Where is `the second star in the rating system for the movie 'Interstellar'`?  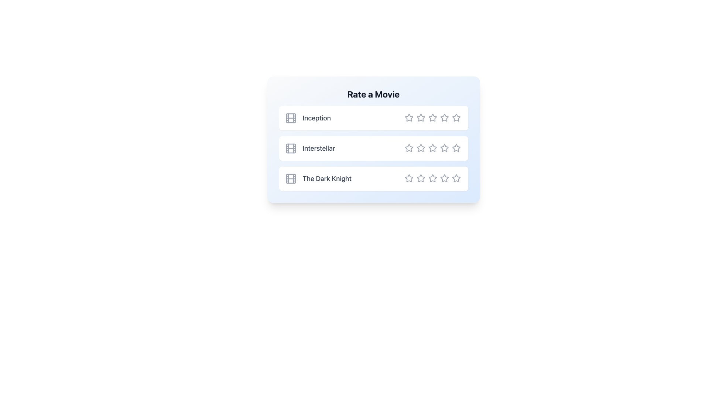
the second star in the rating system for the movie 'Interstellar' is located at coordinates (408, 148).